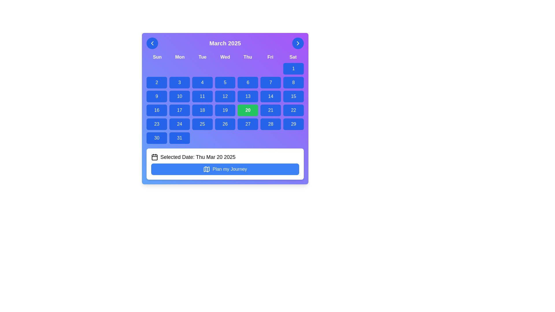  Describe the element at coordinates (293, 124) in the screenshot. I see `the date selector button for the date '29' in the calendar interface` at that location.